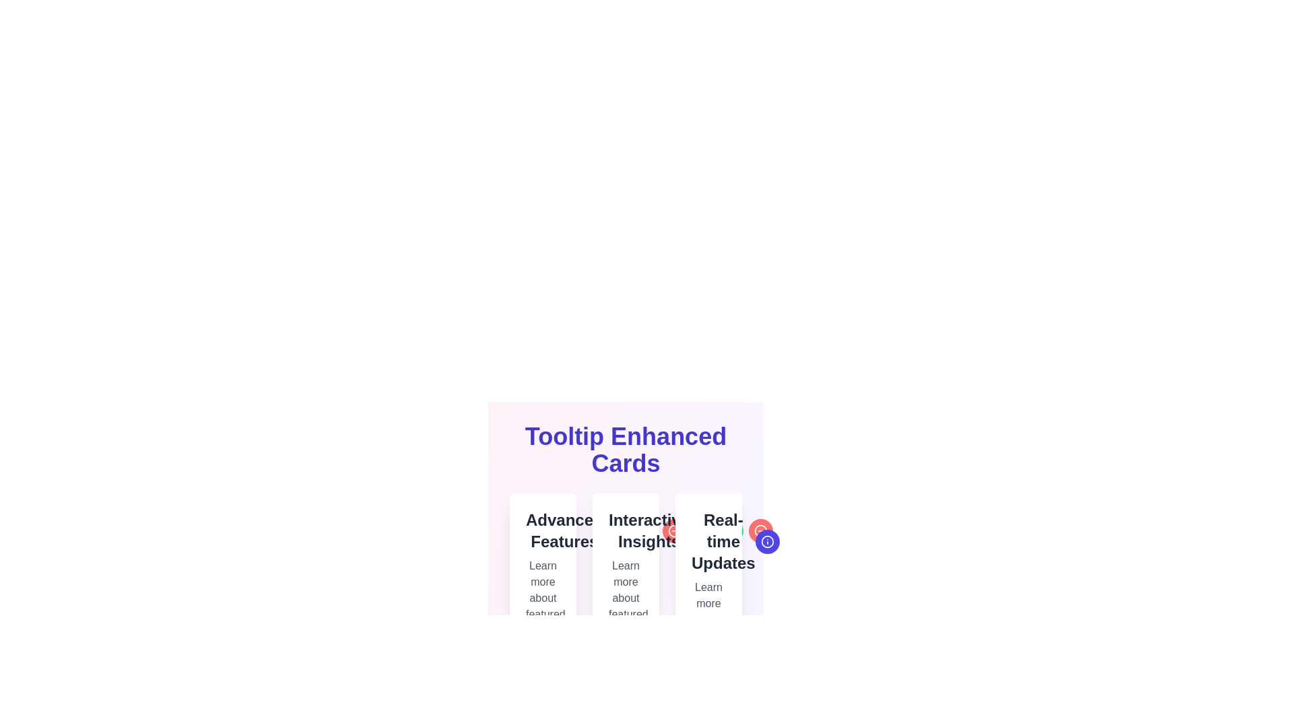  I want to click on the largest circle element located centrally within the 'Interactive Insights' card, which serves a decorative or functional purpose, possibly indicating an action such as adding or expanding, so click(644, 530).